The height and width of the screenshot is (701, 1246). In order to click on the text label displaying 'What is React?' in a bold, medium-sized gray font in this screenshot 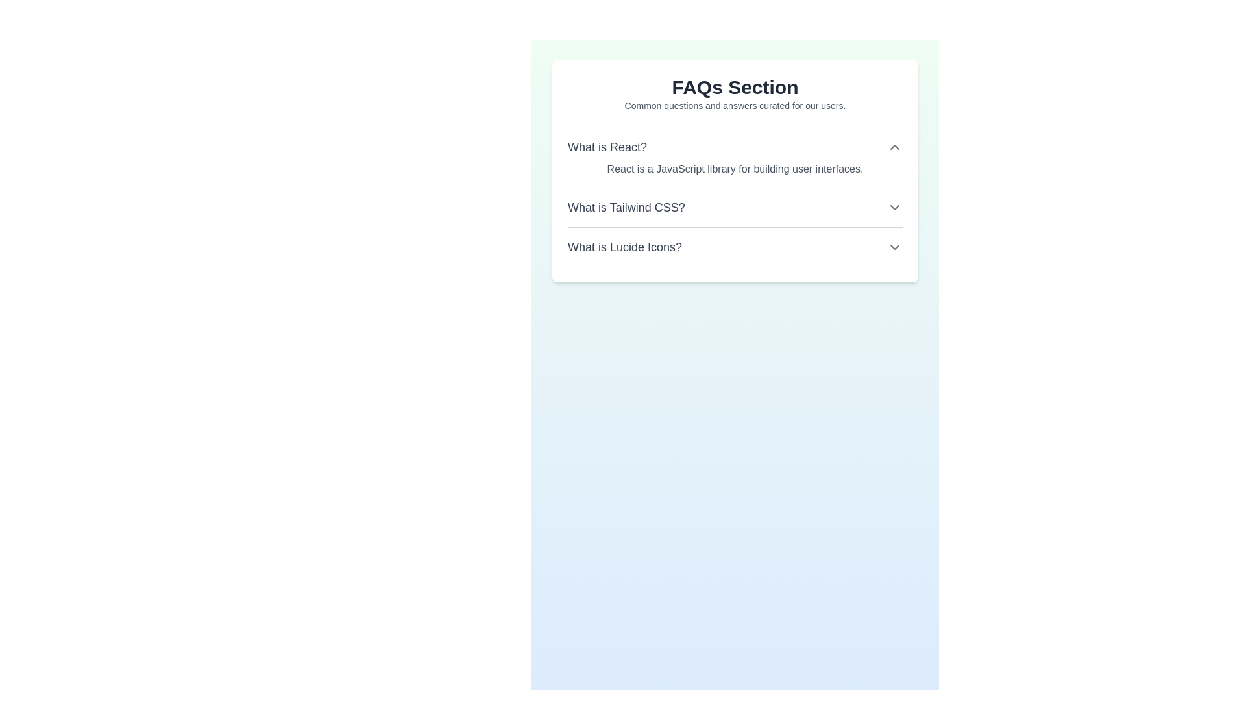, I will do `click(607, 147)`.